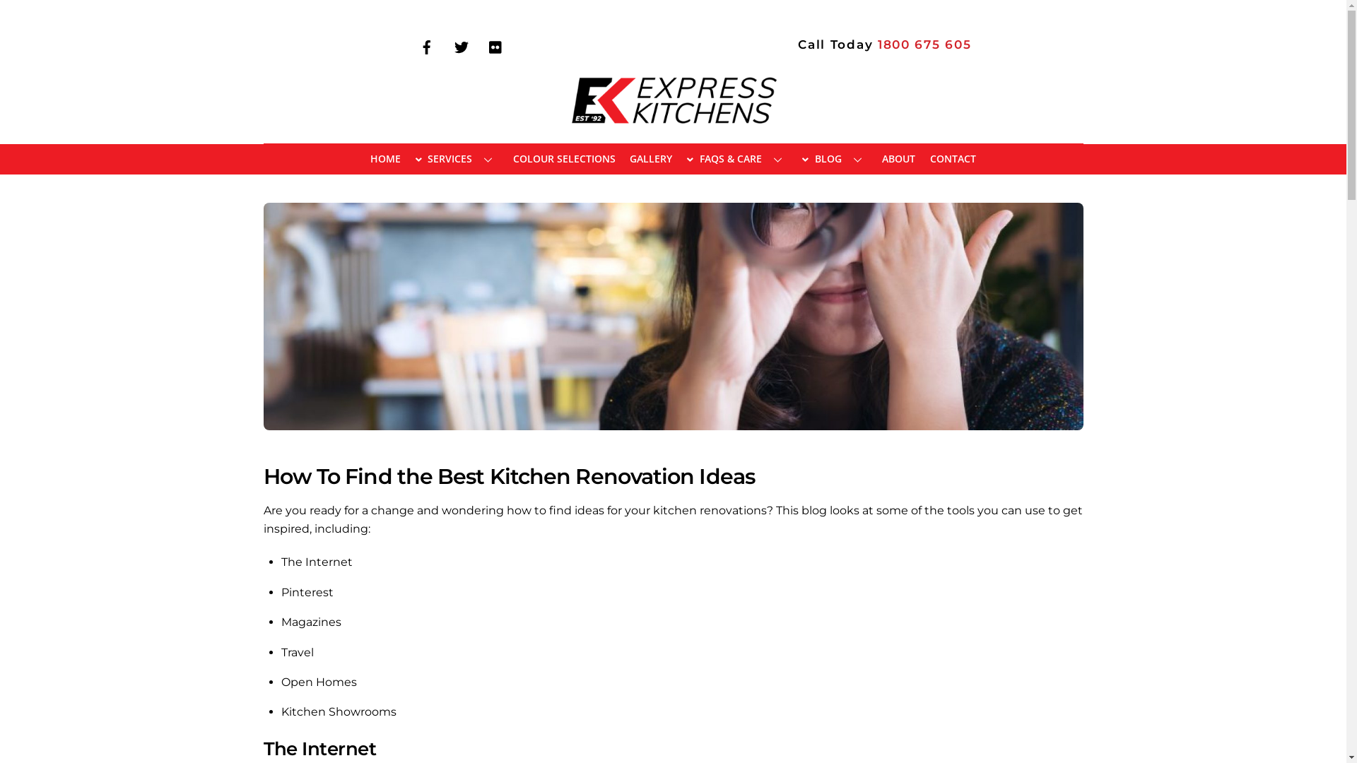 The height and width of the screenshot is (763, 1357). What do you see at coordinates (457, 158) in the screenshot?
I see `'SERVICES'` at bounding box center [457, 158].